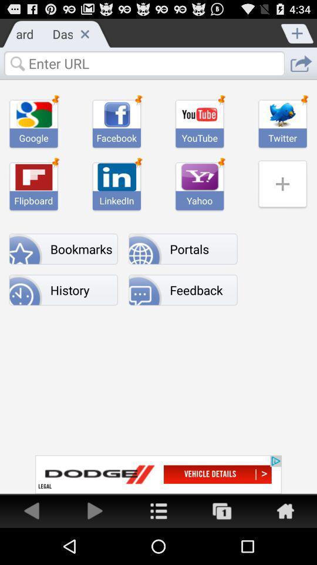  I want to click on go forward, so click(95, 510).